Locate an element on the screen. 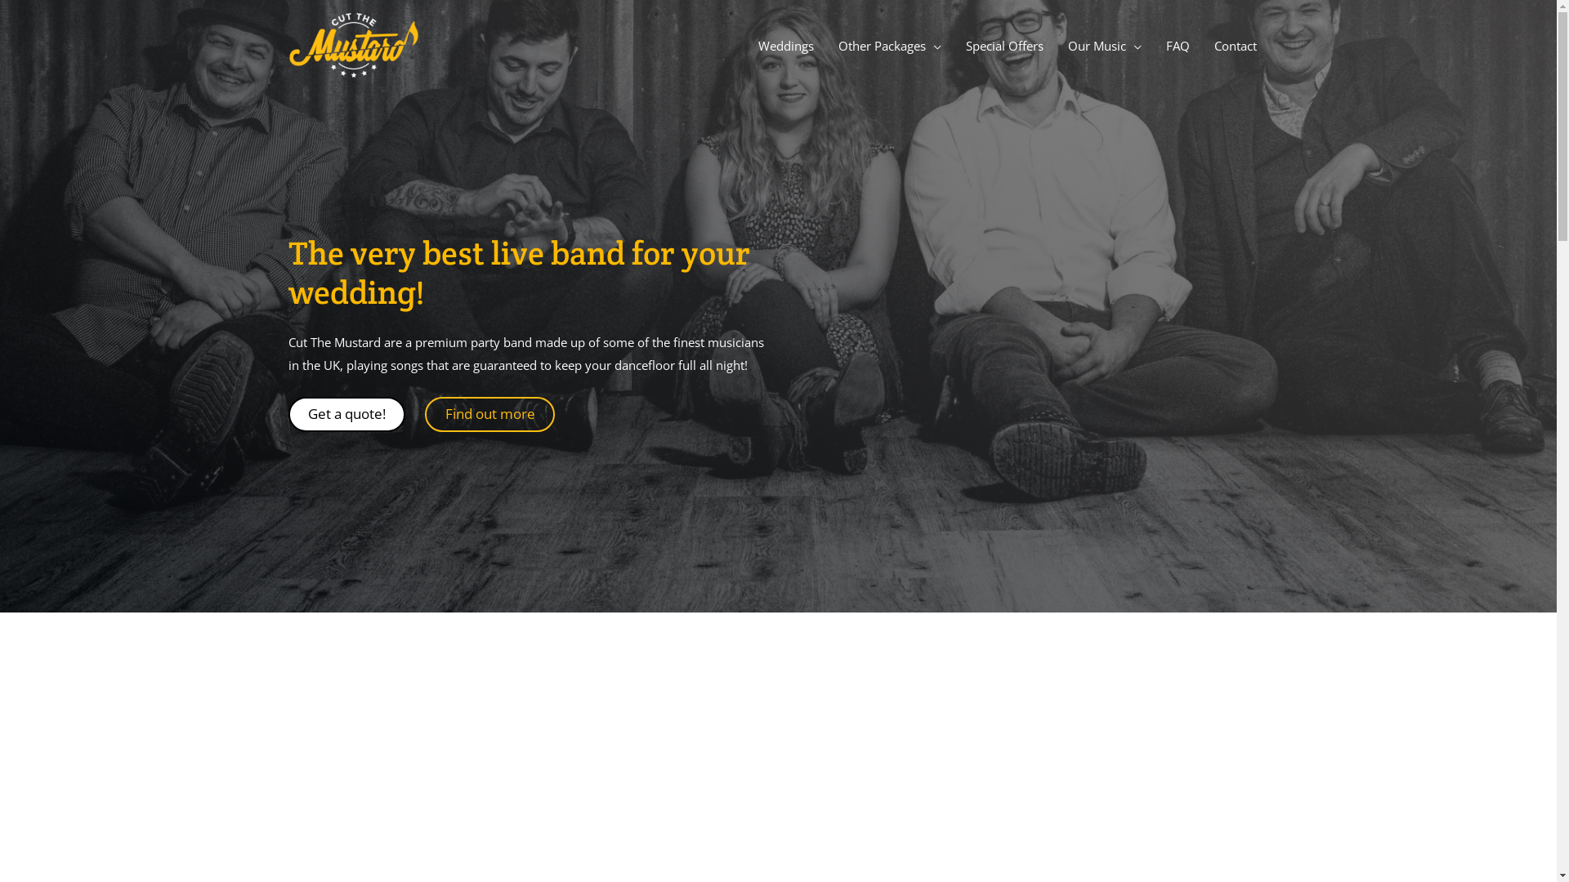 The height and width of the screenshot is (882, 1569). 'FAQ' is located at coordinates (1178, 43).